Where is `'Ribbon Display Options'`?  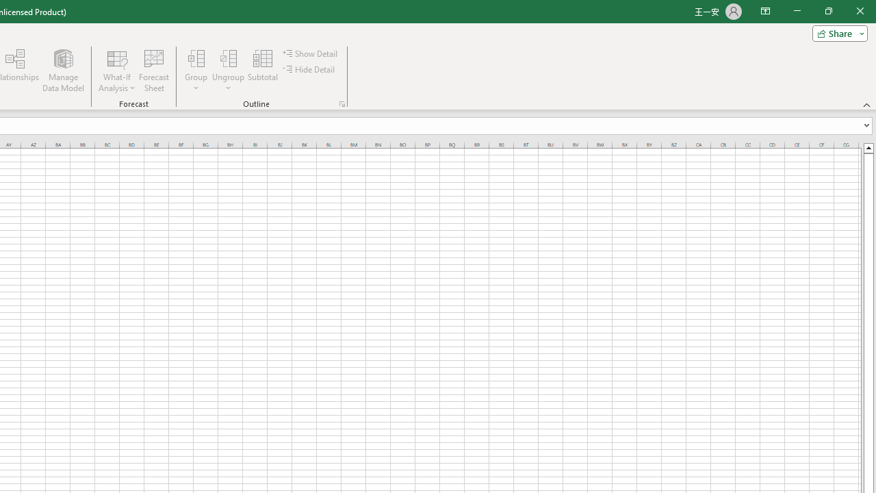 'Ribbon Display Options' is located at coordinates (764, 11).